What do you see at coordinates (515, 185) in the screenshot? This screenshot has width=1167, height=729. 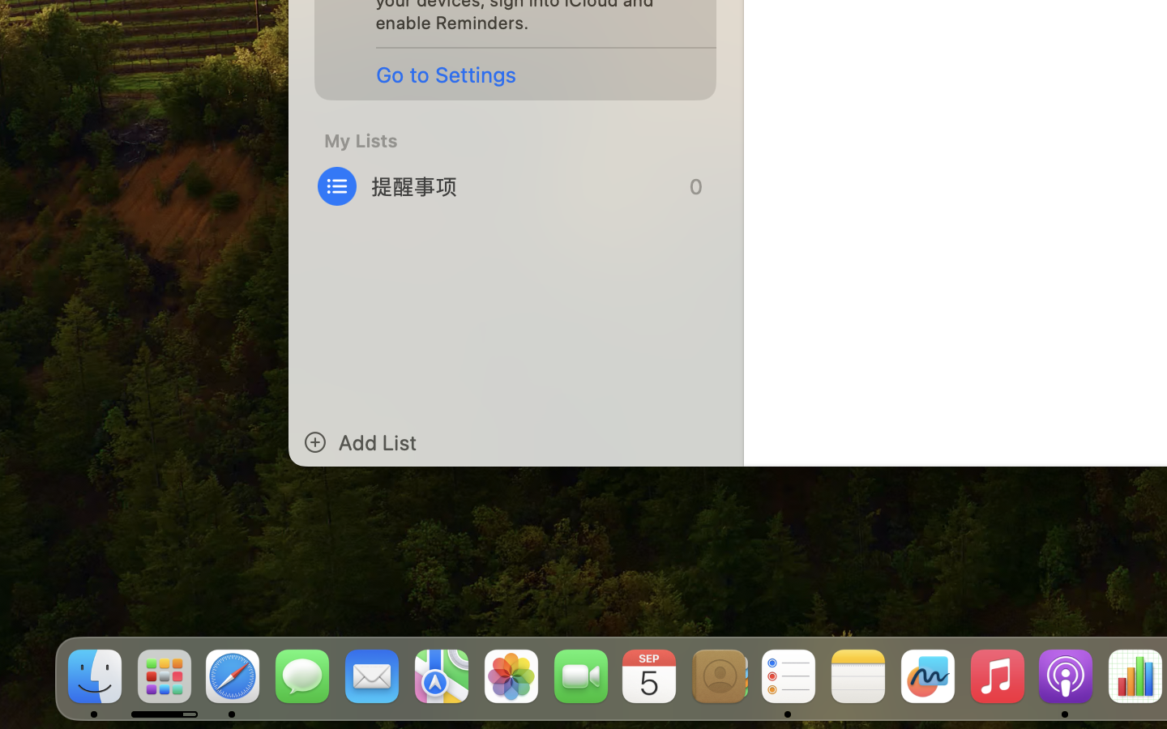 I see `'提醒事项'` at bounding box center [515, 185].